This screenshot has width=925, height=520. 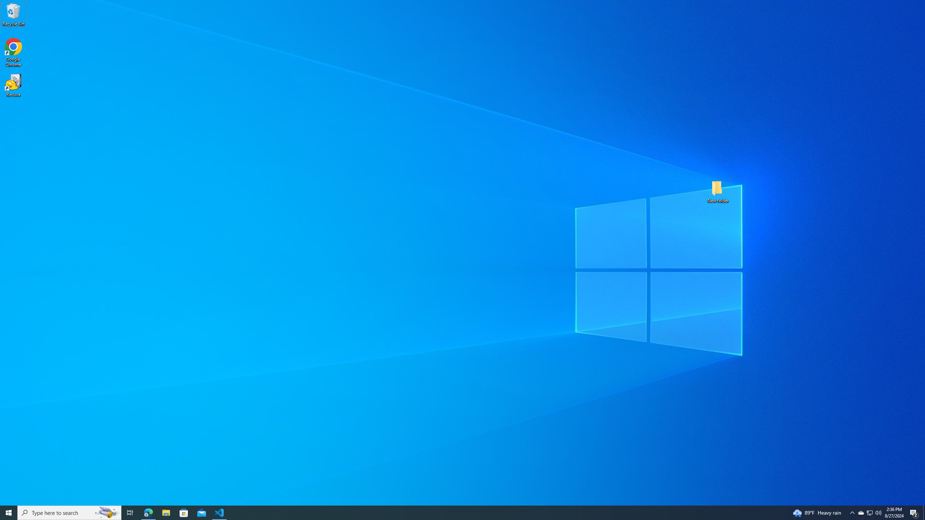 What do you see at coordinates (13, 85) in the screenshot?
I see `'Recuva'` at bounding box center [13, 85].